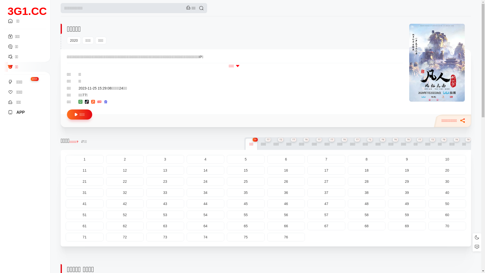  Describe the element at coordinates (447, 193) in the screenshot. I see `'40'` at that location.